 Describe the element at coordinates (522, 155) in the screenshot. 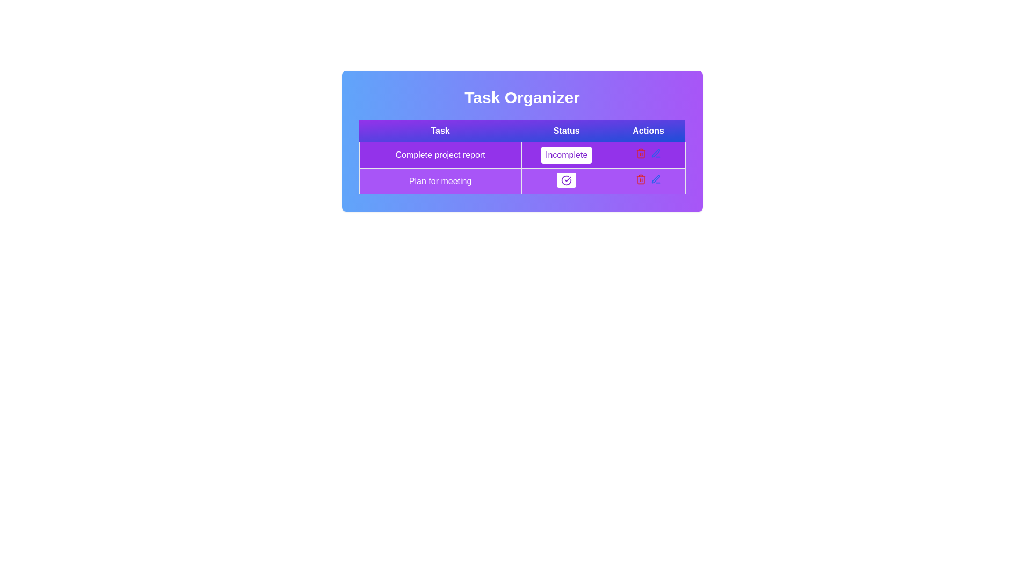

I see `the table row with a purple background containing 'Complete project report' and 'Incomplete' status, located in the first row of the task table` at that location.